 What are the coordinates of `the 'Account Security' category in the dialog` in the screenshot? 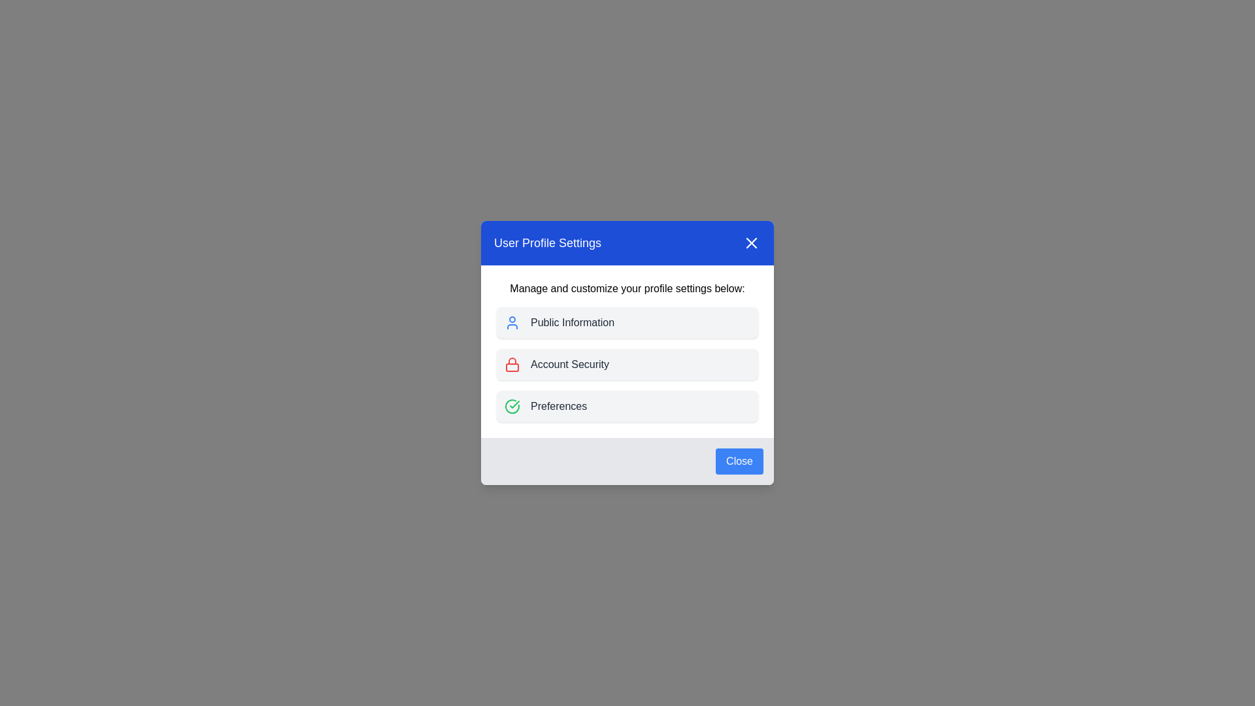 It's located at (627, 365).